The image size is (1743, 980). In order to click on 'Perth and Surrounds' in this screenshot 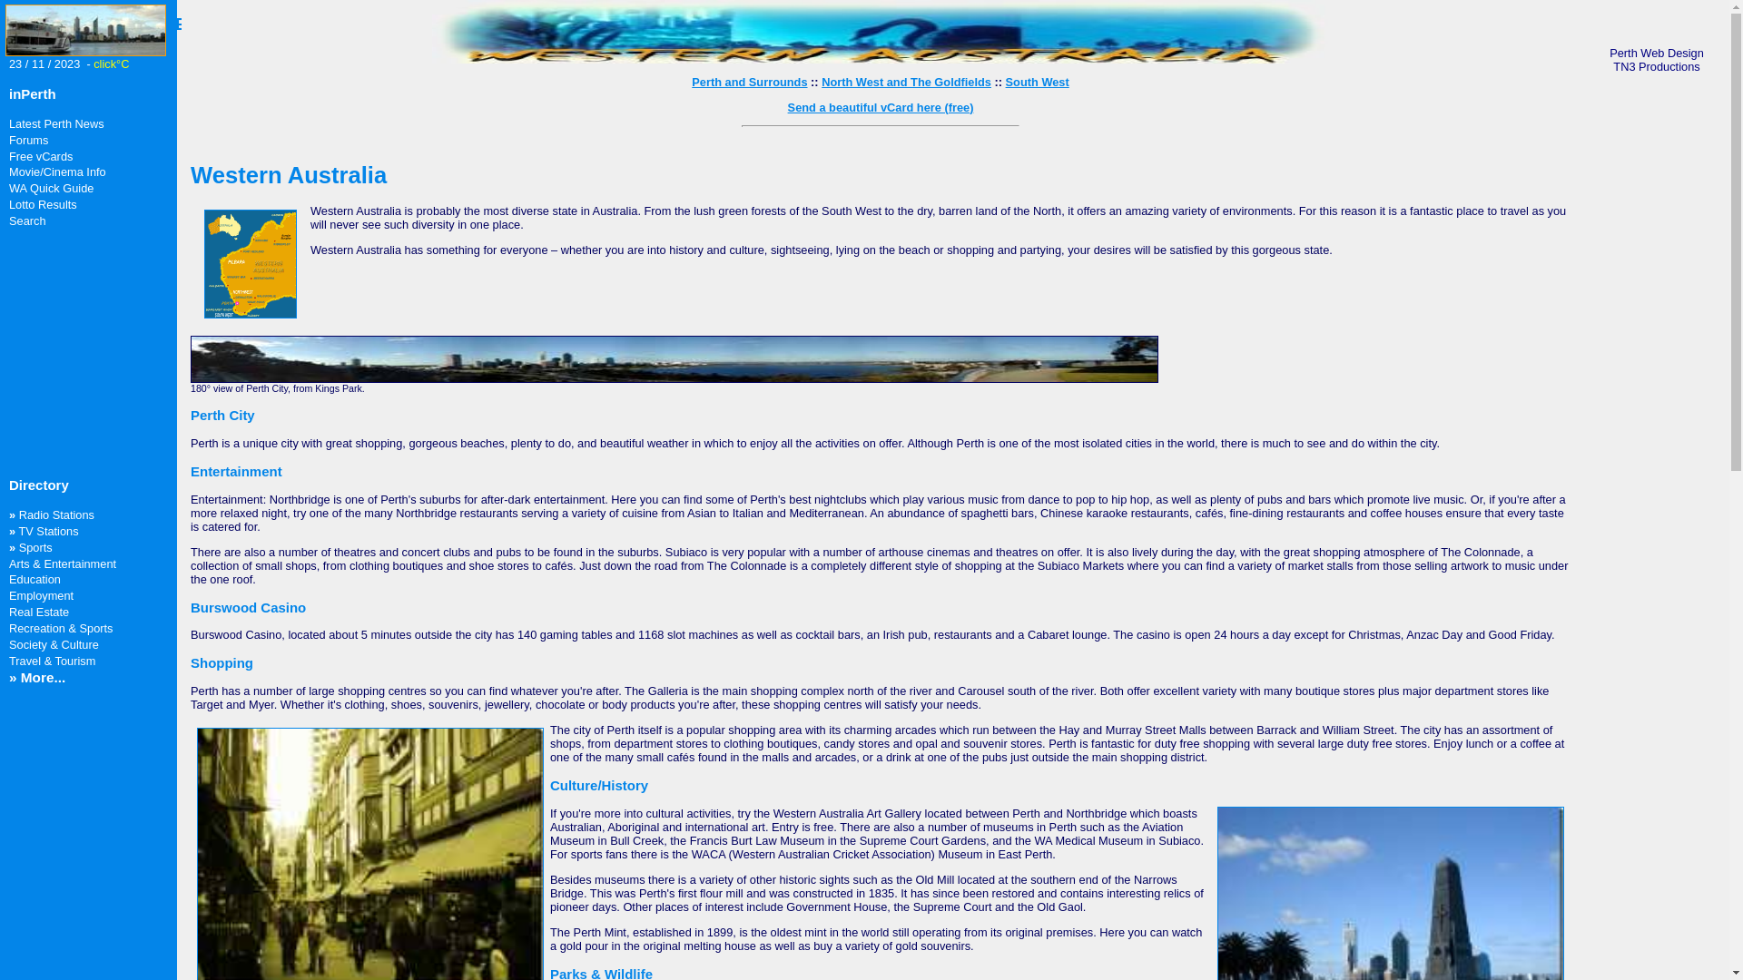, I will do `click(691, 82)`.